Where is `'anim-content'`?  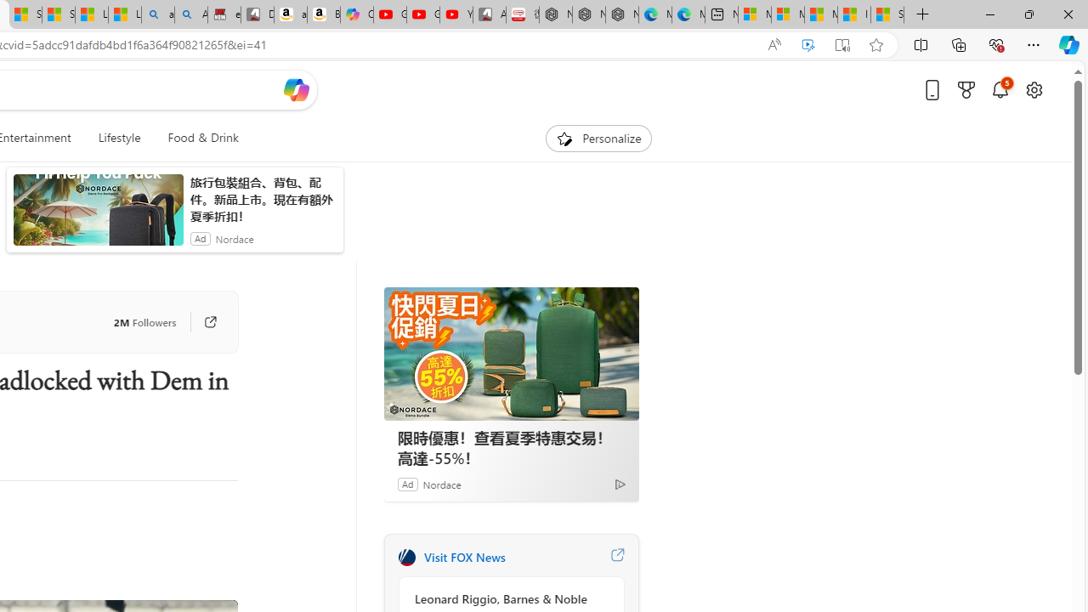
'anim-content' is located at coordinates (97, 216).